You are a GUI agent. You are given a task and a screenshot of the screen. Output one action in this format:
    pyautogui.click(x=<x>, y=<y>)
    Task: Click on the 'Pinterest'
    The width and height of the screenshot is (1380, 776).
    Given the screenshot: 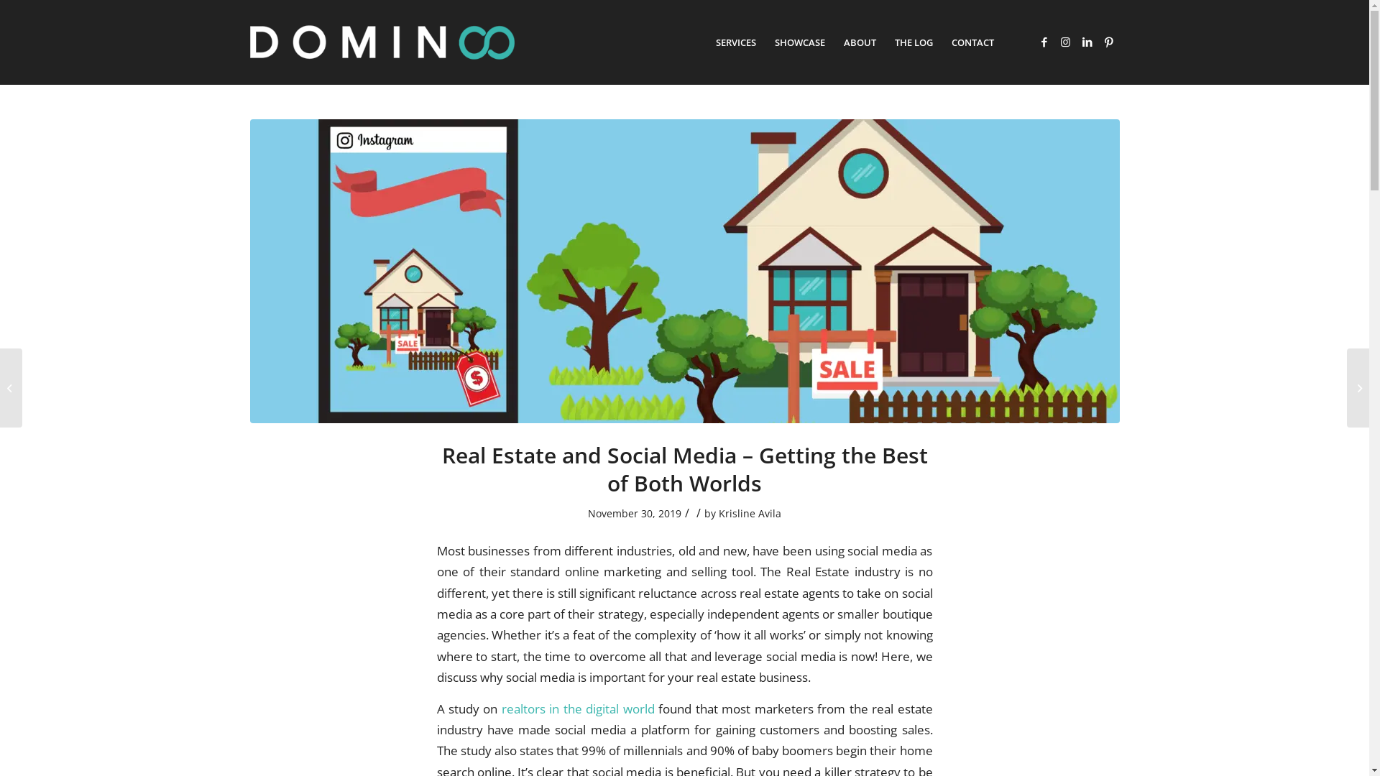 What is the action you would take?
    pyautogui.click(x=1097, y=40)
    